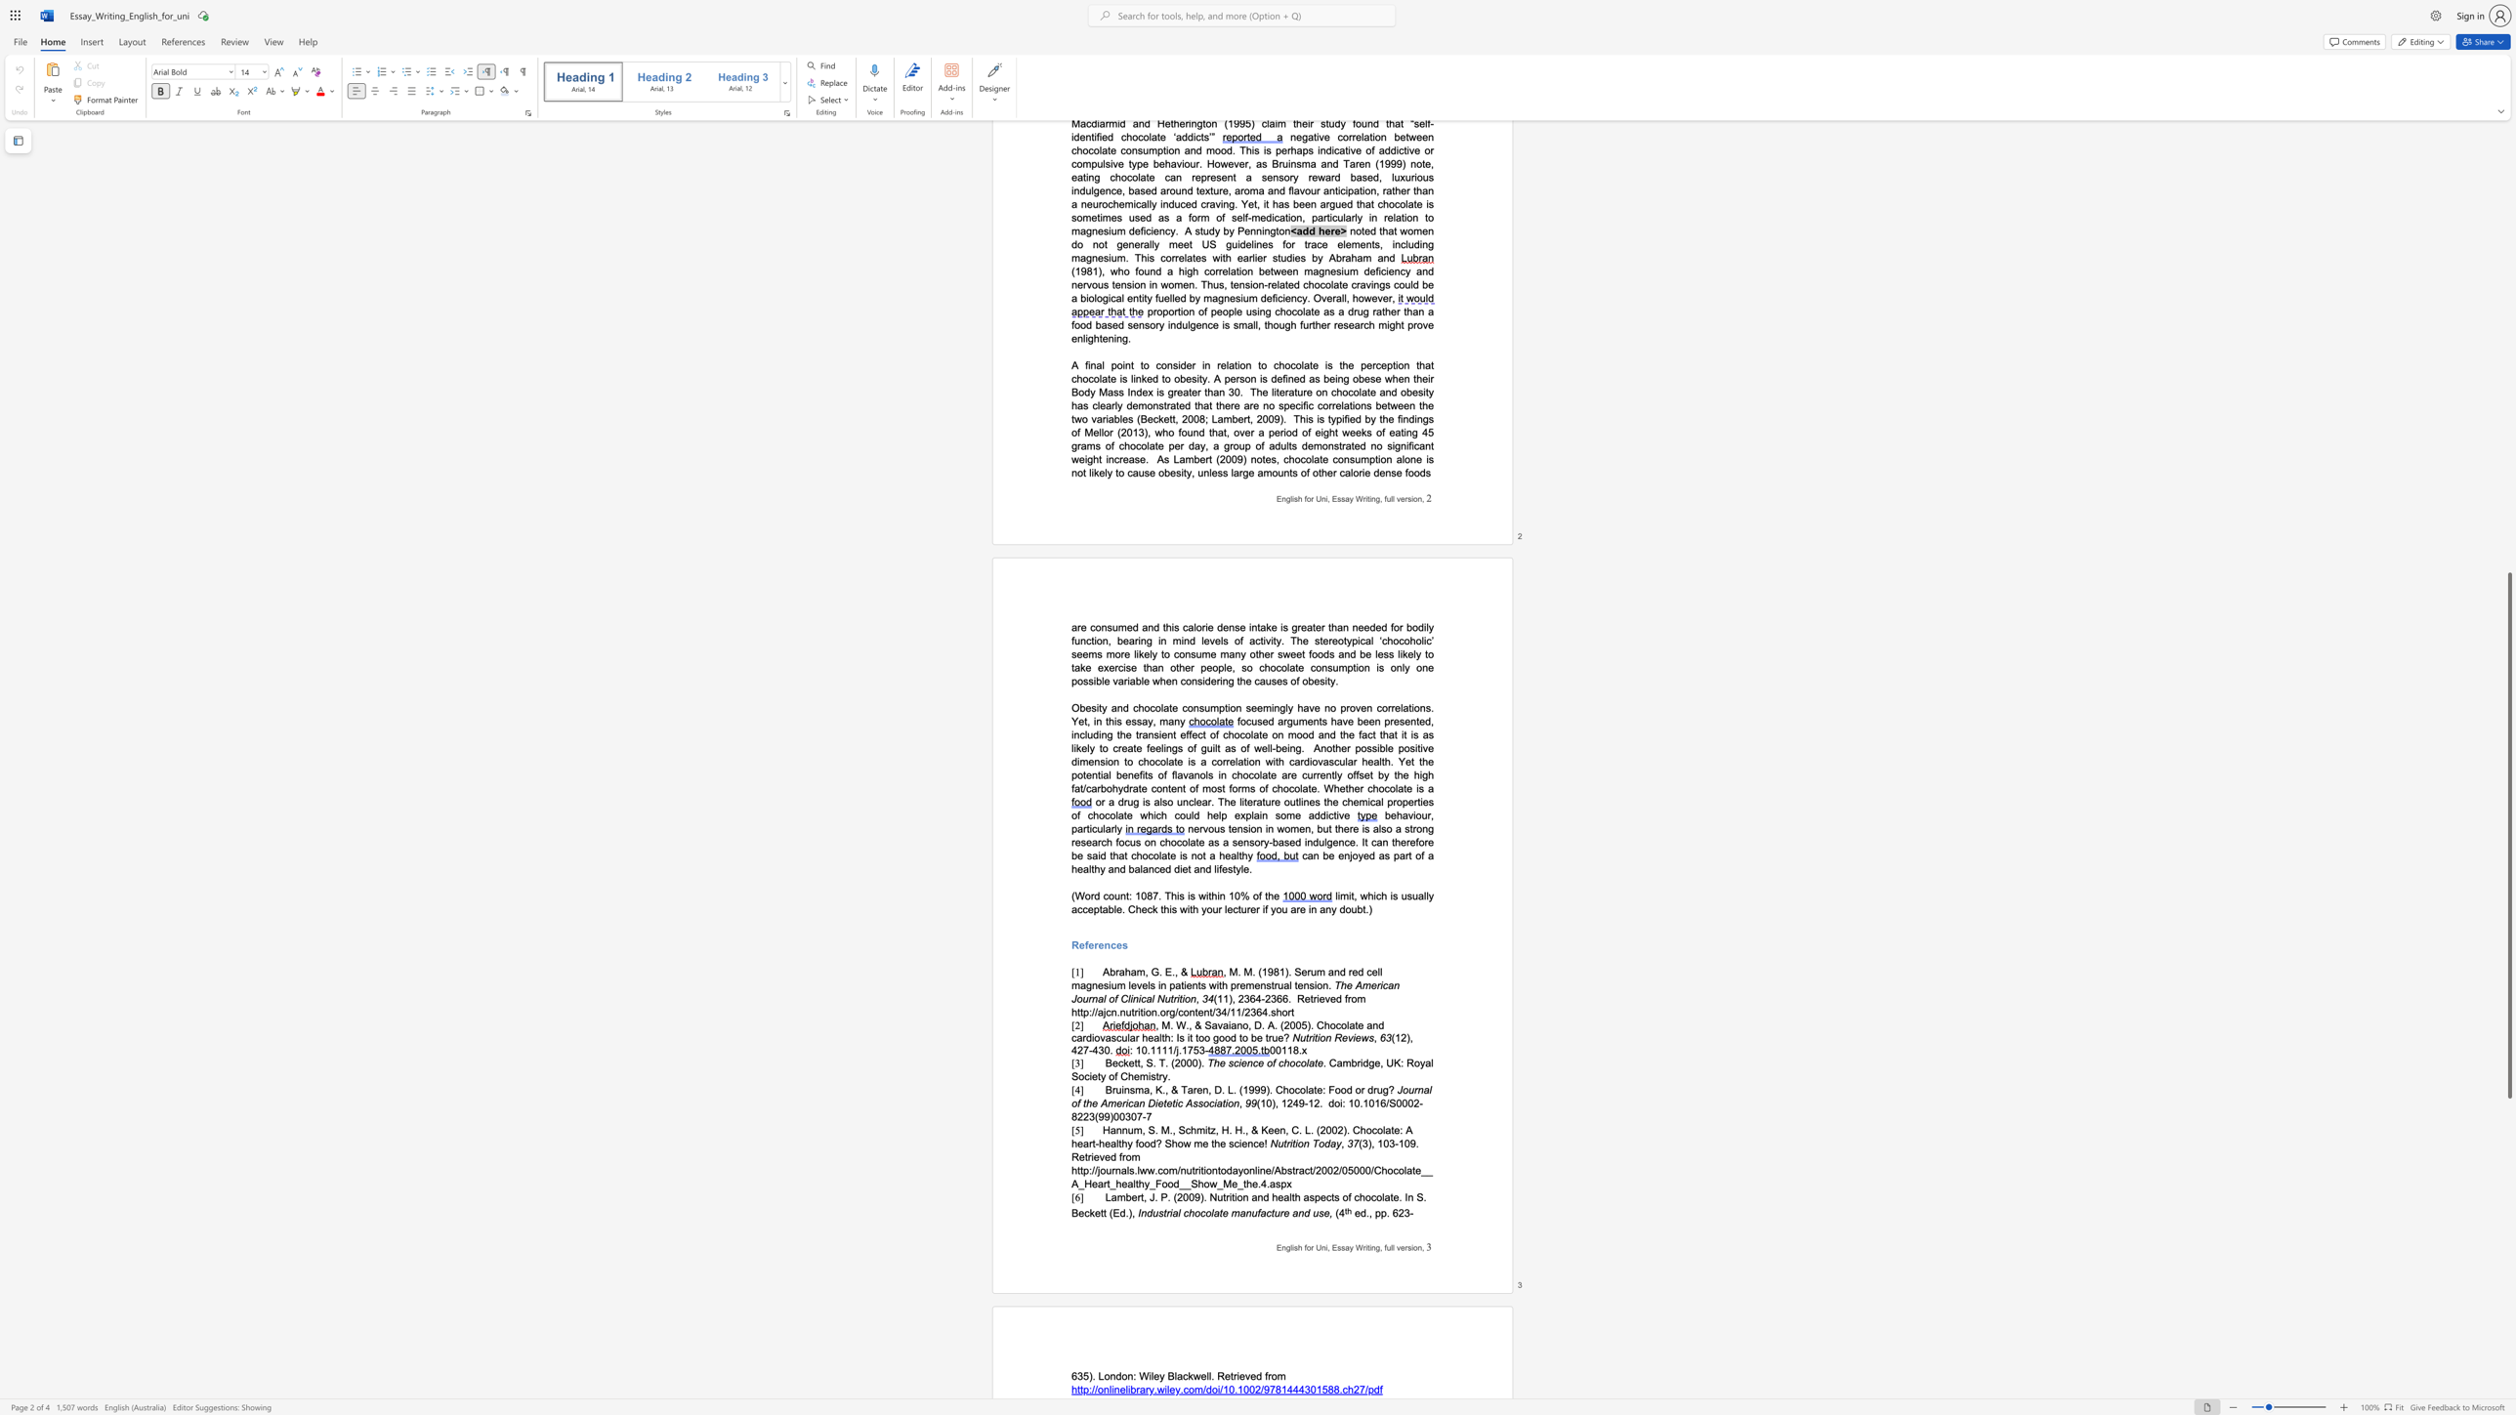 This screenshot has height=1415, width=2516. What do you see at coordinates (2508, 471) in the screenshot?
I see `the right-hand scrollbar to ascend the page` at bounding box center [2508, 471].